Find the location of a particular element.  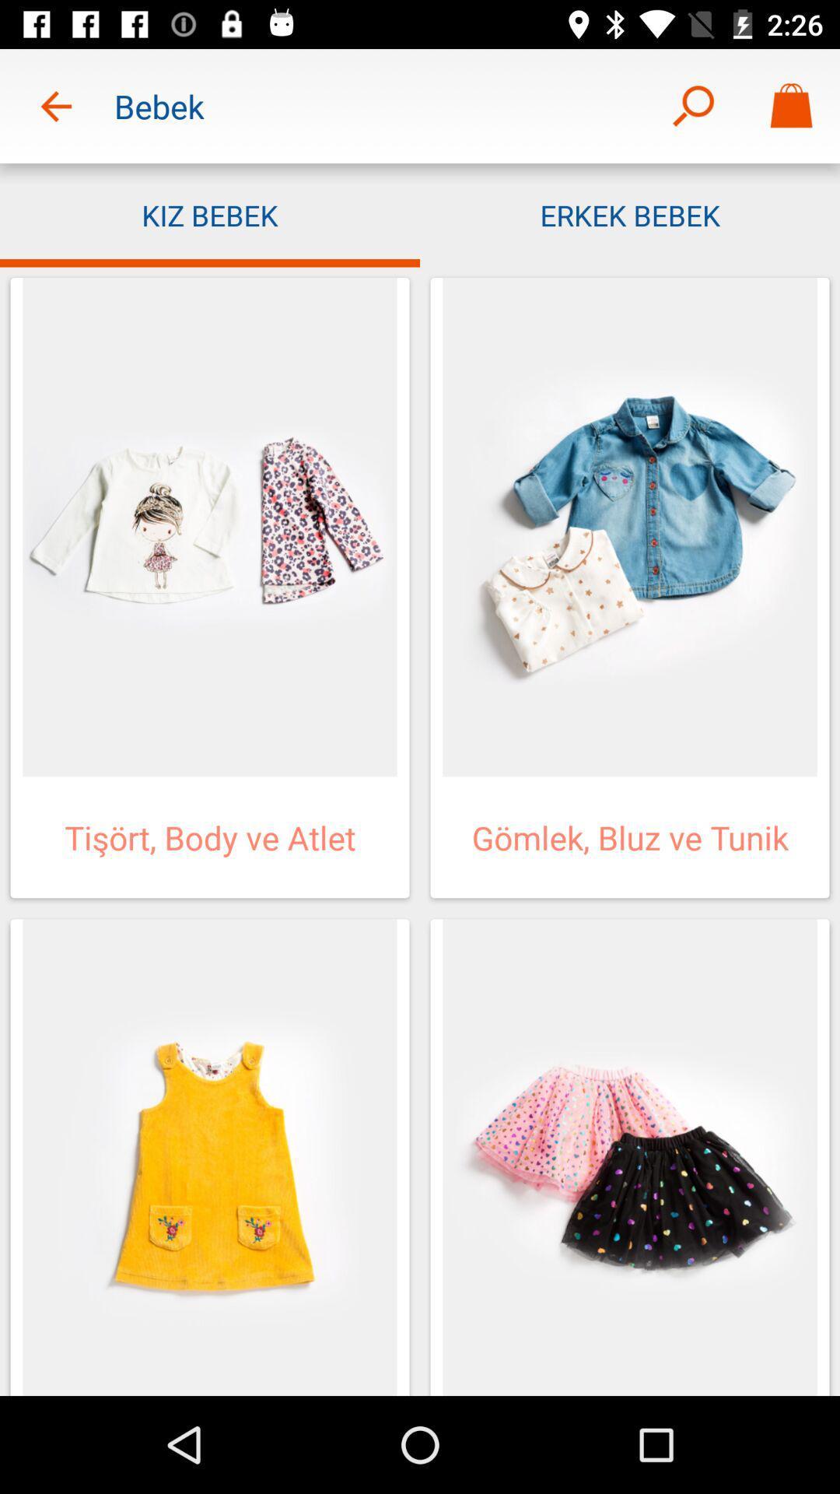

the item to the left of the bebek is located at coordinates (56, 105).